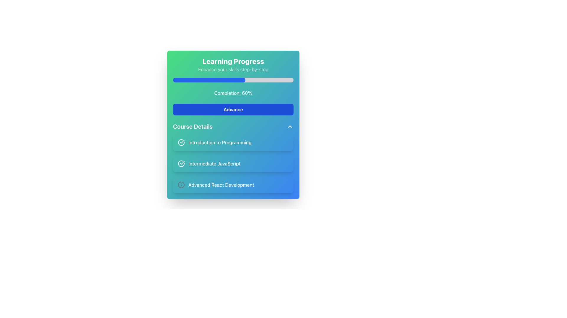 This screenshot has height=318, width=567. Describe the element at coordinates (233, 109) in the screenshot. I see `the interactive button located below the completion progress bar and above the 'Course Details' section to proceed to the next step` at that location.